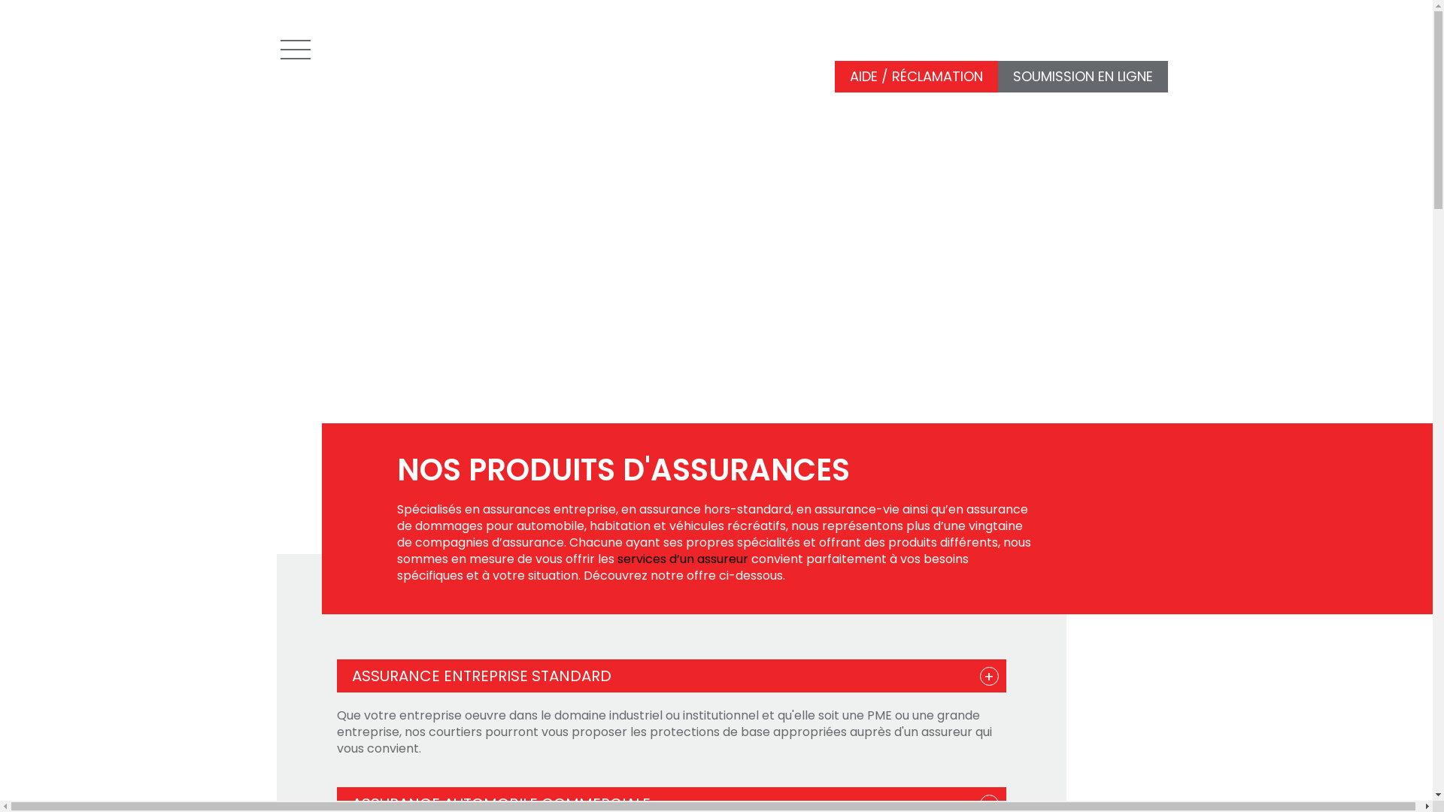 The width and height of the screenshot is (1444, 812). What do you see at coordinates (1081, 77) in the screenshot?
I see `'SOUMISSION EN LIGNE'` at bounding box center [1081, 77].